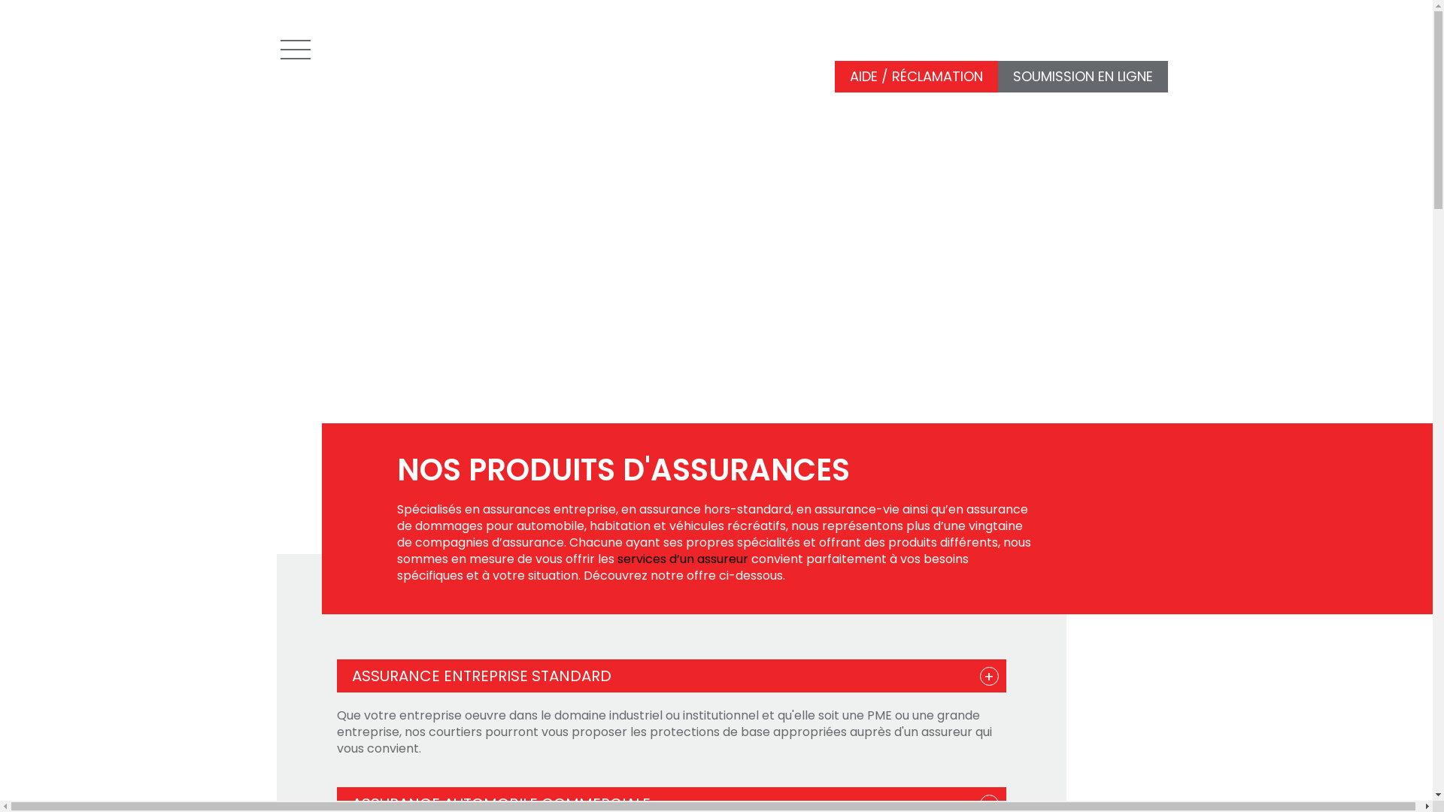 The width and height of the screenshot is (1444, 812). What do you see at coordinates (1081, 77) in the screenshot?
I see `'SOUMISSION EN LIGNE'` at bounding box center [1081, 77].